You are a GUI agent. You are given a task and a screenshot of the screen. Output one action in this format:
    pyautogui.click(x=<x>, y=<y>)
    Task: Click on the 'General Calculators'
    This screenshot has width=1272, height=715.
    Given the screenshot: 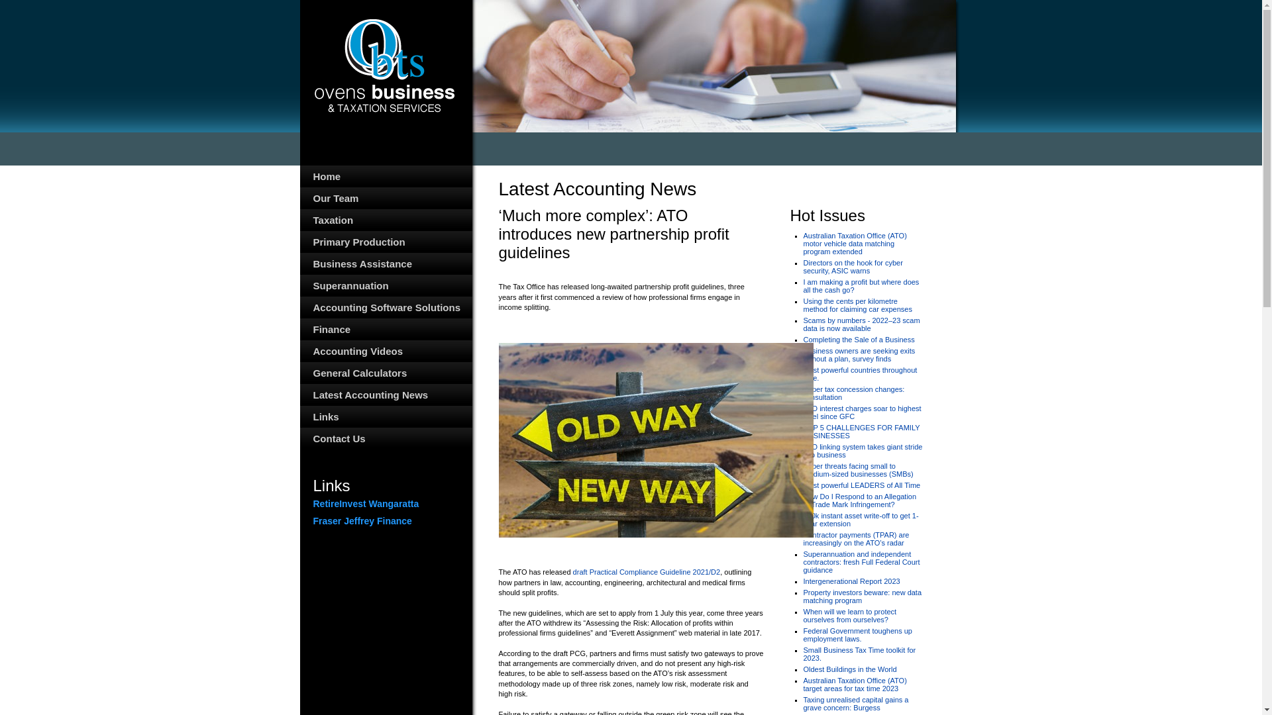 What is the action you would take?
    pyautogui.click(x=384, y=373)
    